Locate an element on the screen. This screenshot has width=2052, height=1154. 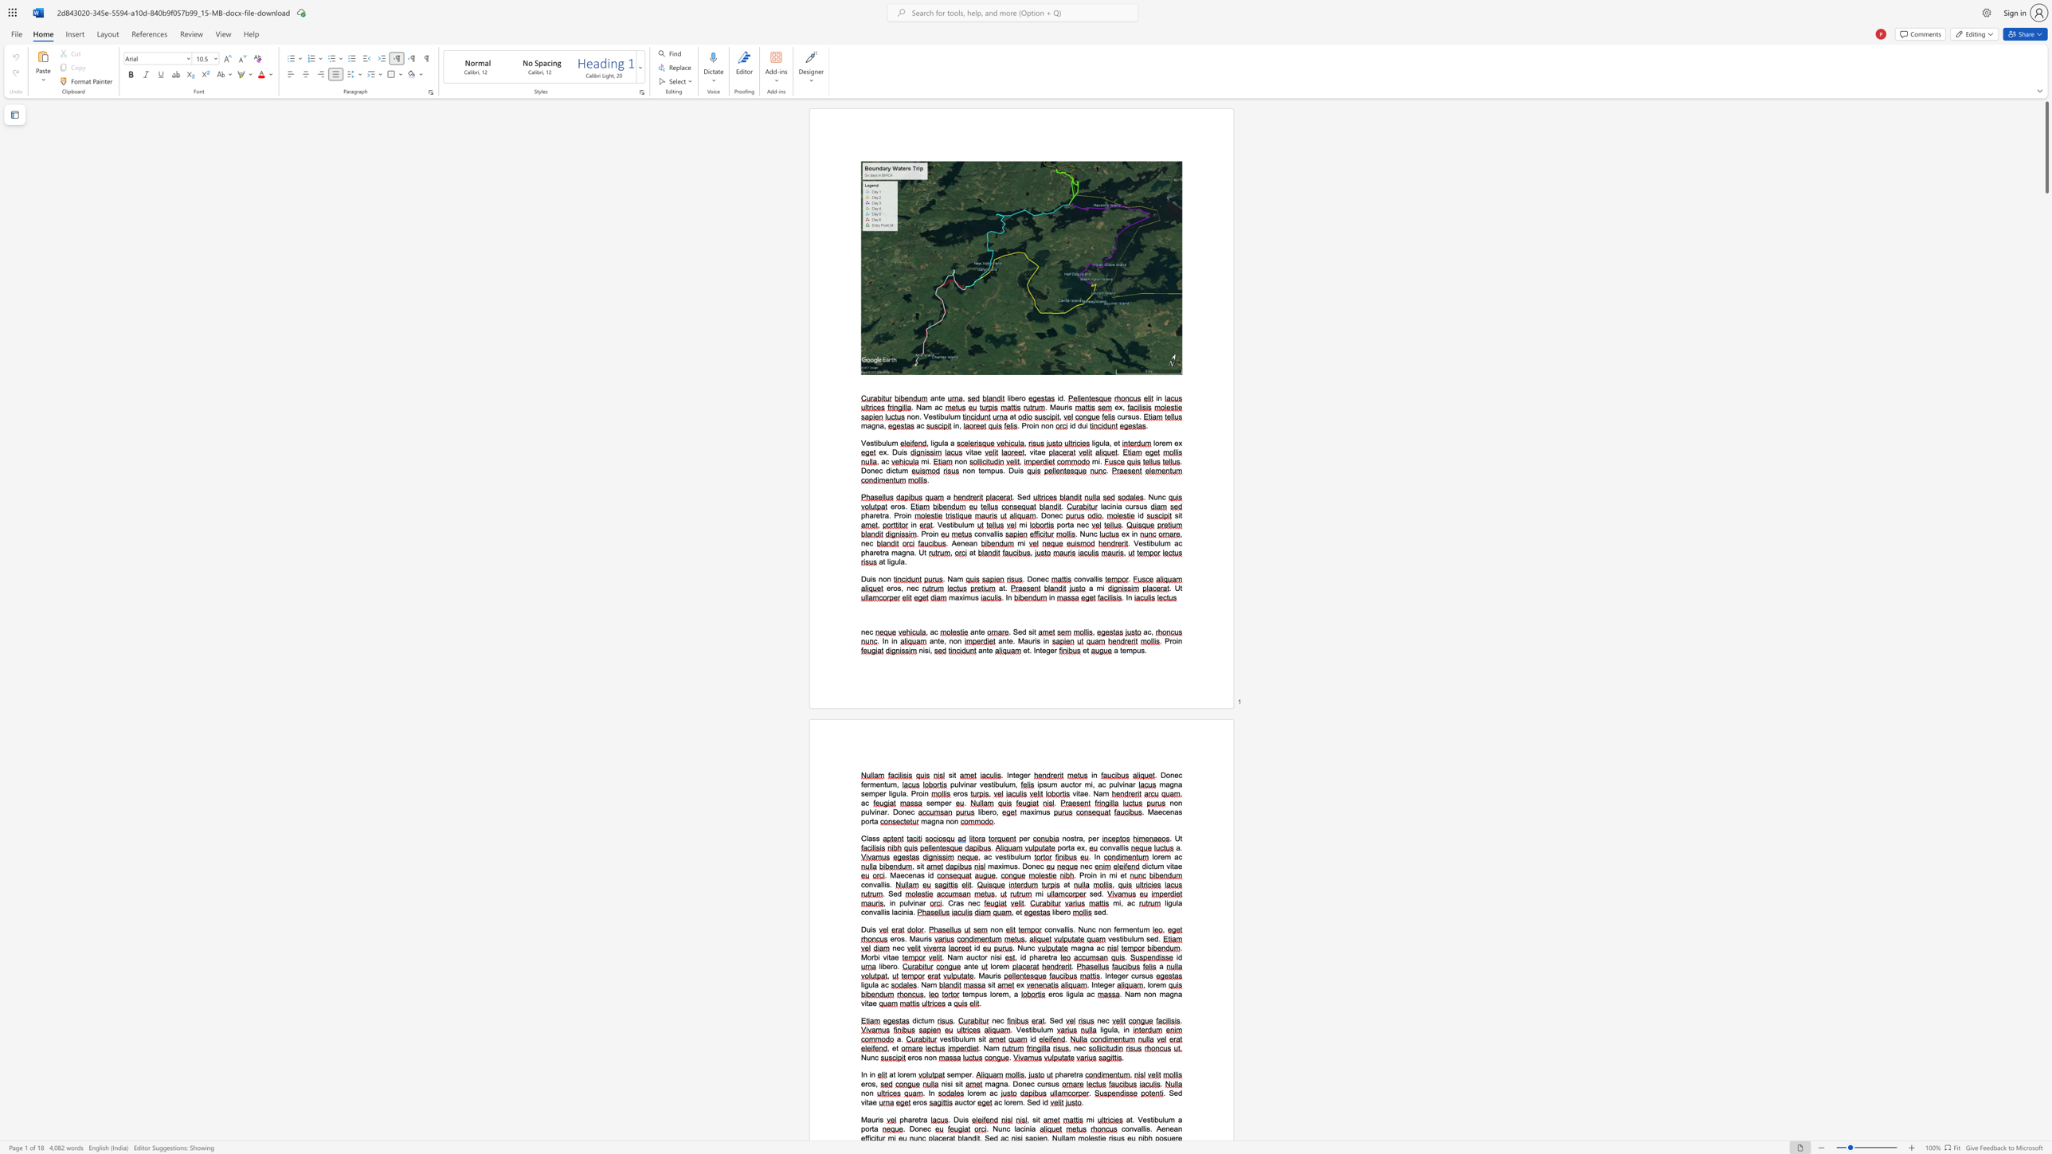
the 1th character "a" in the text is located at coordinates (1040, 956).